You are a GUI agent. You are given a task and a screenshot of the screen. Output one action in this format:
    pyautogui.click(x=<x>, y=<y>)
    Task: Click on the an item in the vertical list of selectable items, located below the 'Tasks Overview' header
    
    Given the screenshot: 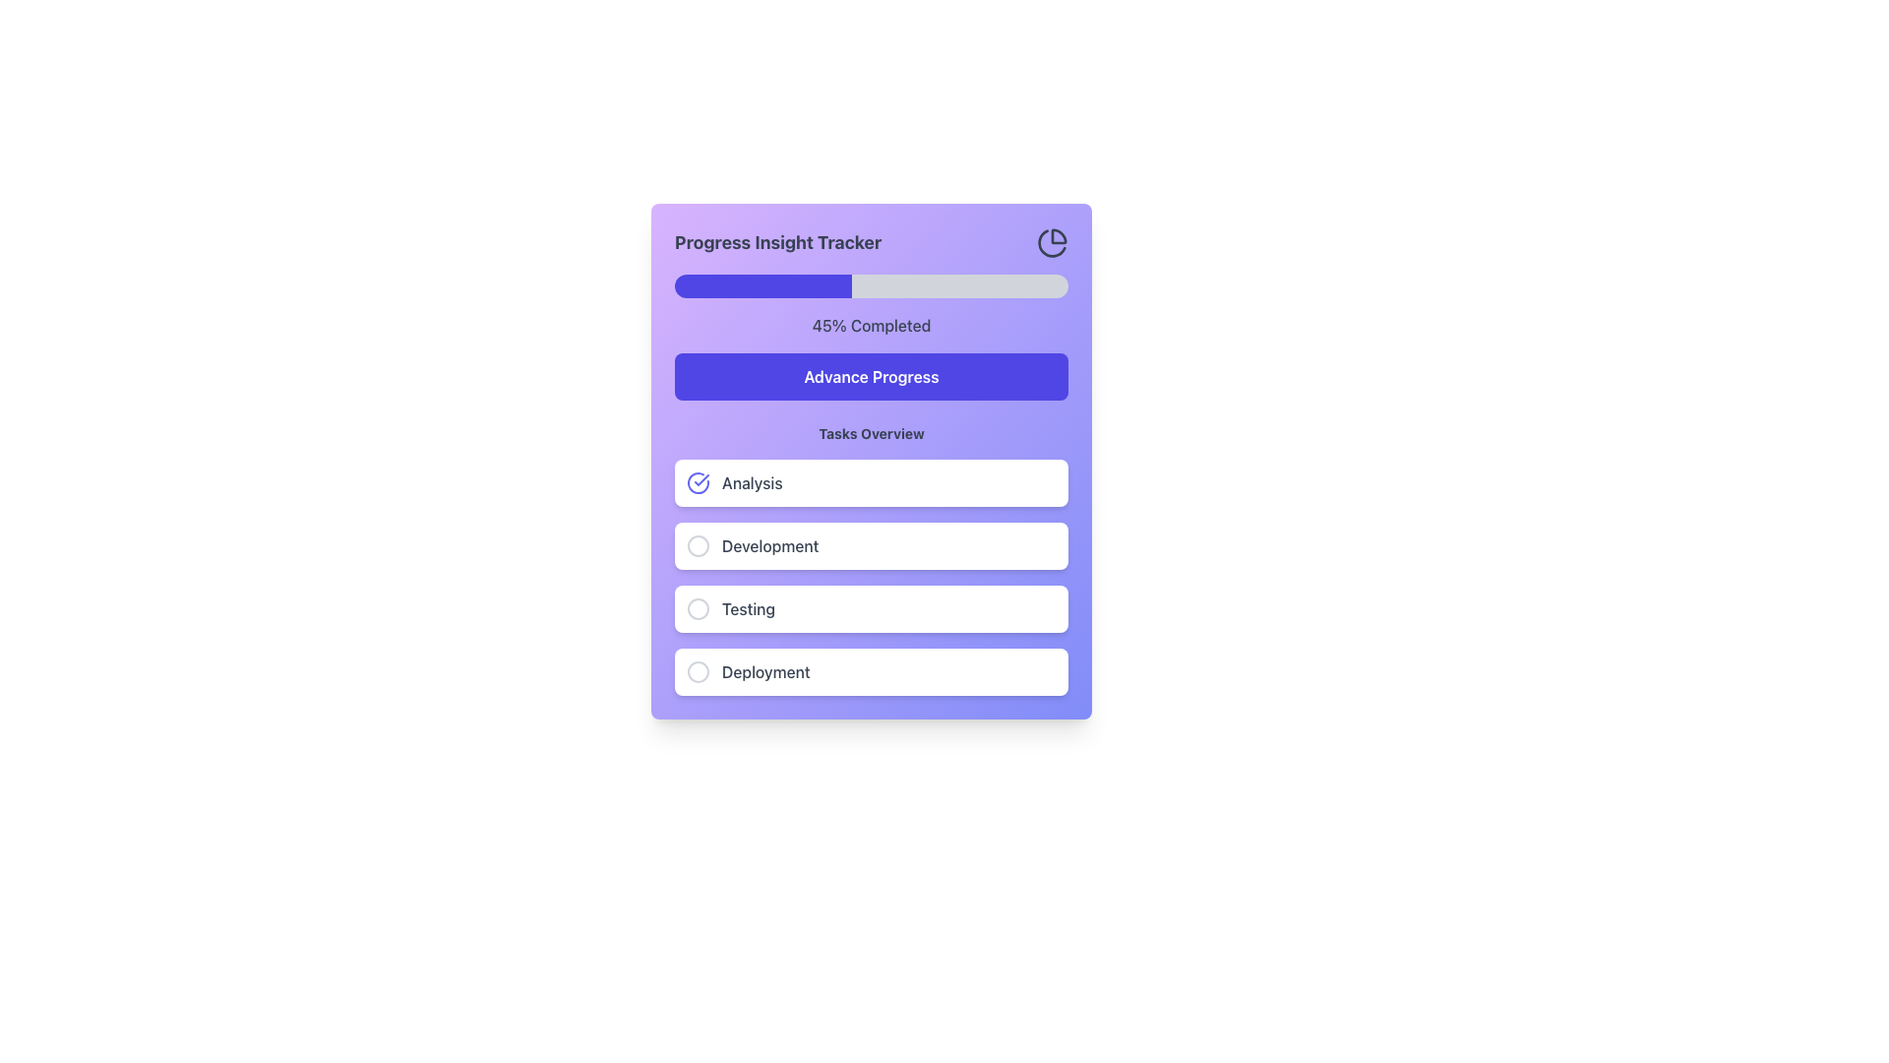 What is the action you would take?
    pyautogui.click(x=871, y=576)
    